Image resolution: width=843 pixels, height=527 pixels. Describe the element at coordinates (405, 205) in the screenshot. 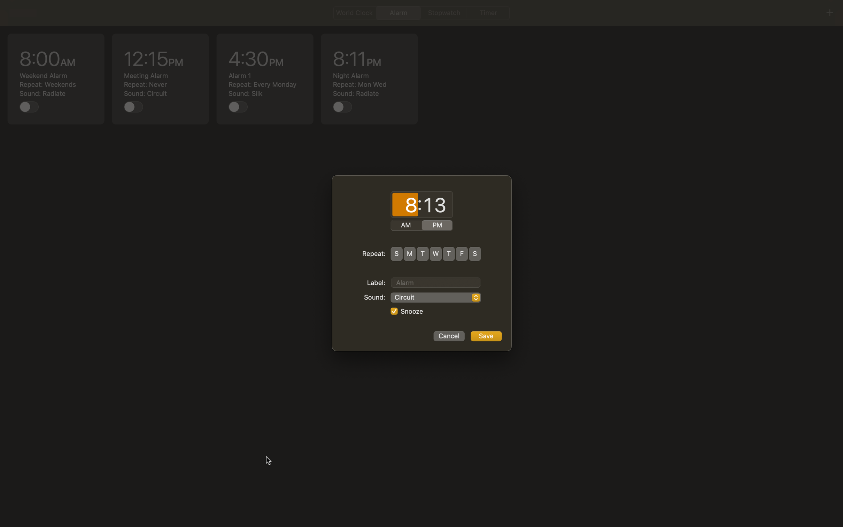

I see `the hourly duration to 8` at that location.